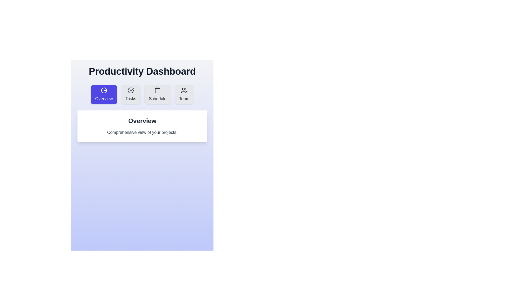 The image size is (506, 284). I want to click on the tab button labeled Schedule to switch to its view, so click(157, 94).